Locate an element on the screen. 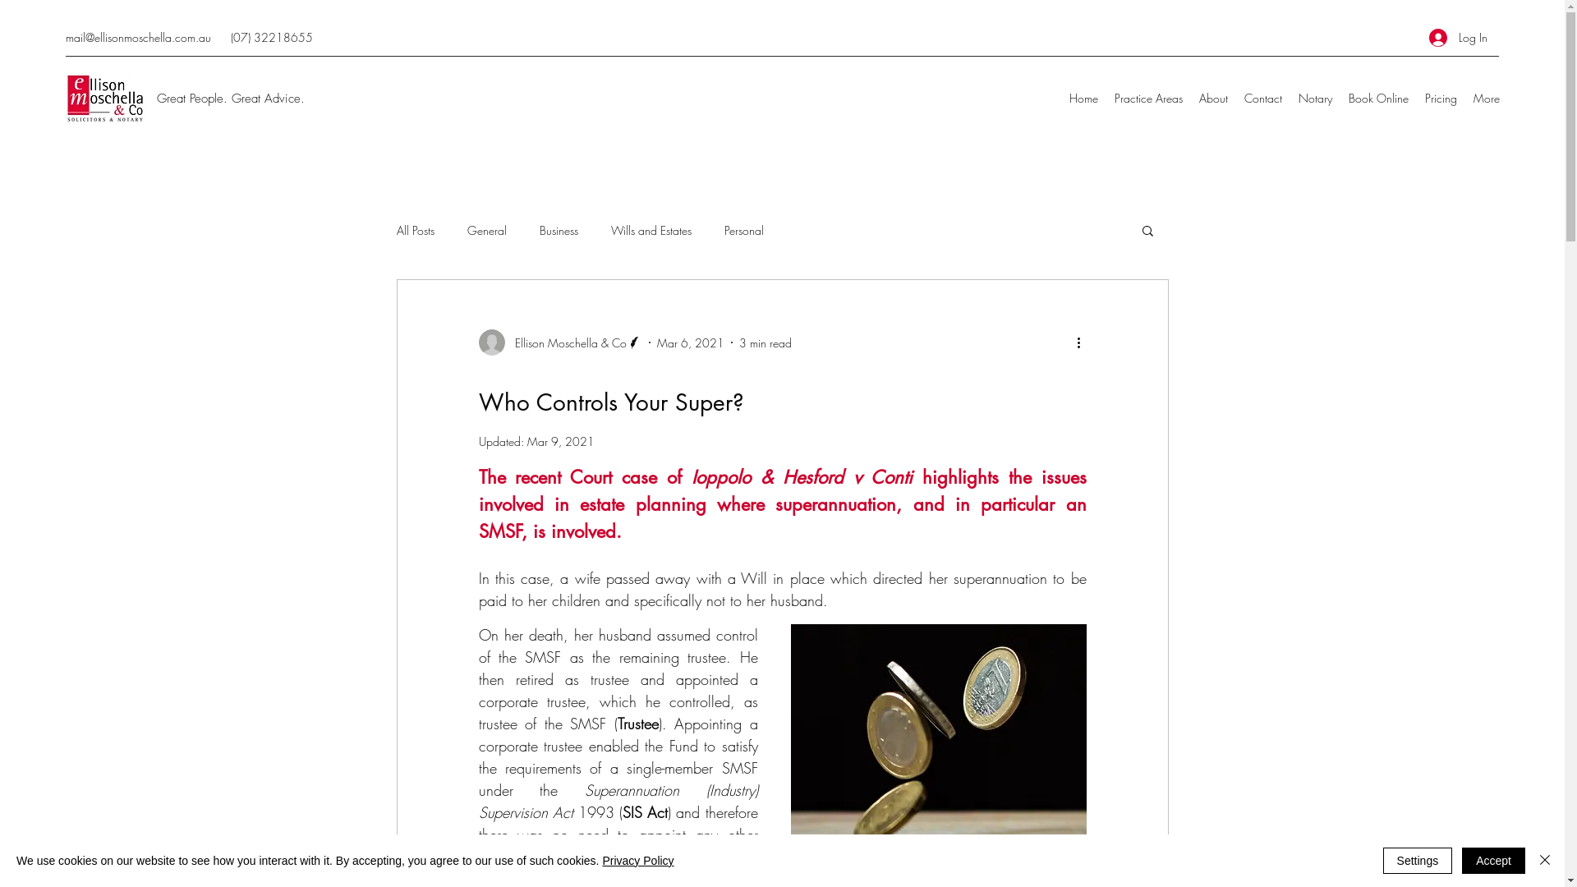 The image size is (1577, 887). 'Pricing' is located at coordinates (1415, 98).